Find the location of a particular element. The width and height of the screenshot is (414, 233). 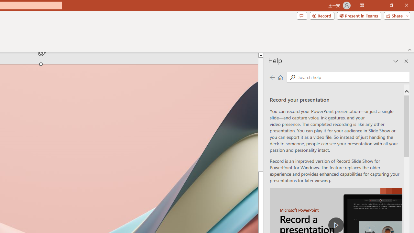

'Minimize' is located at coordinates (376, 5).